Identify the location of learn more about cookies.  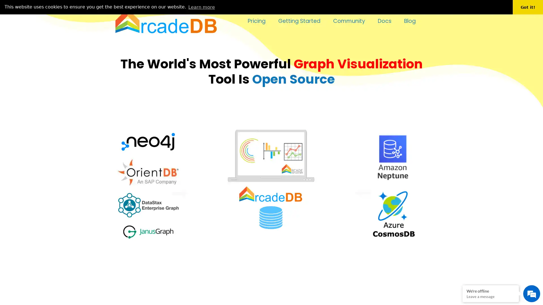
(202, 7).